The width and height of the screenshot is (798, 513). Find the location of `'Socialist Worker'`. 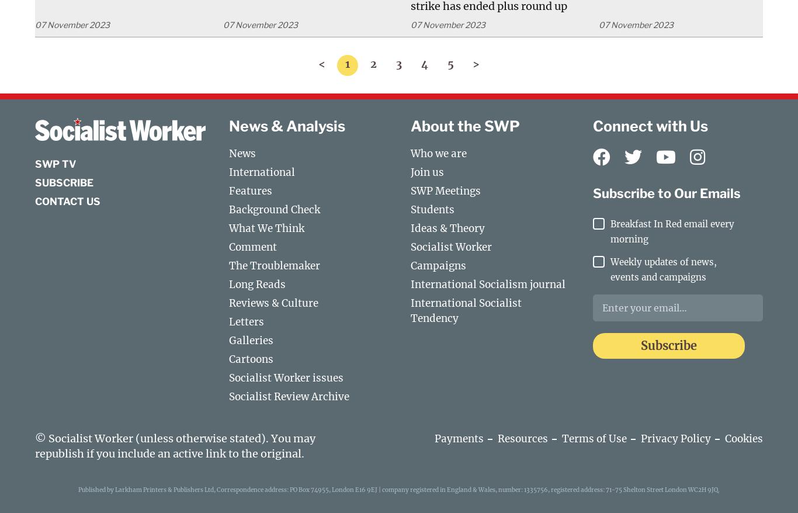

'Socialist Worker' is located at coordinates (451, 246).